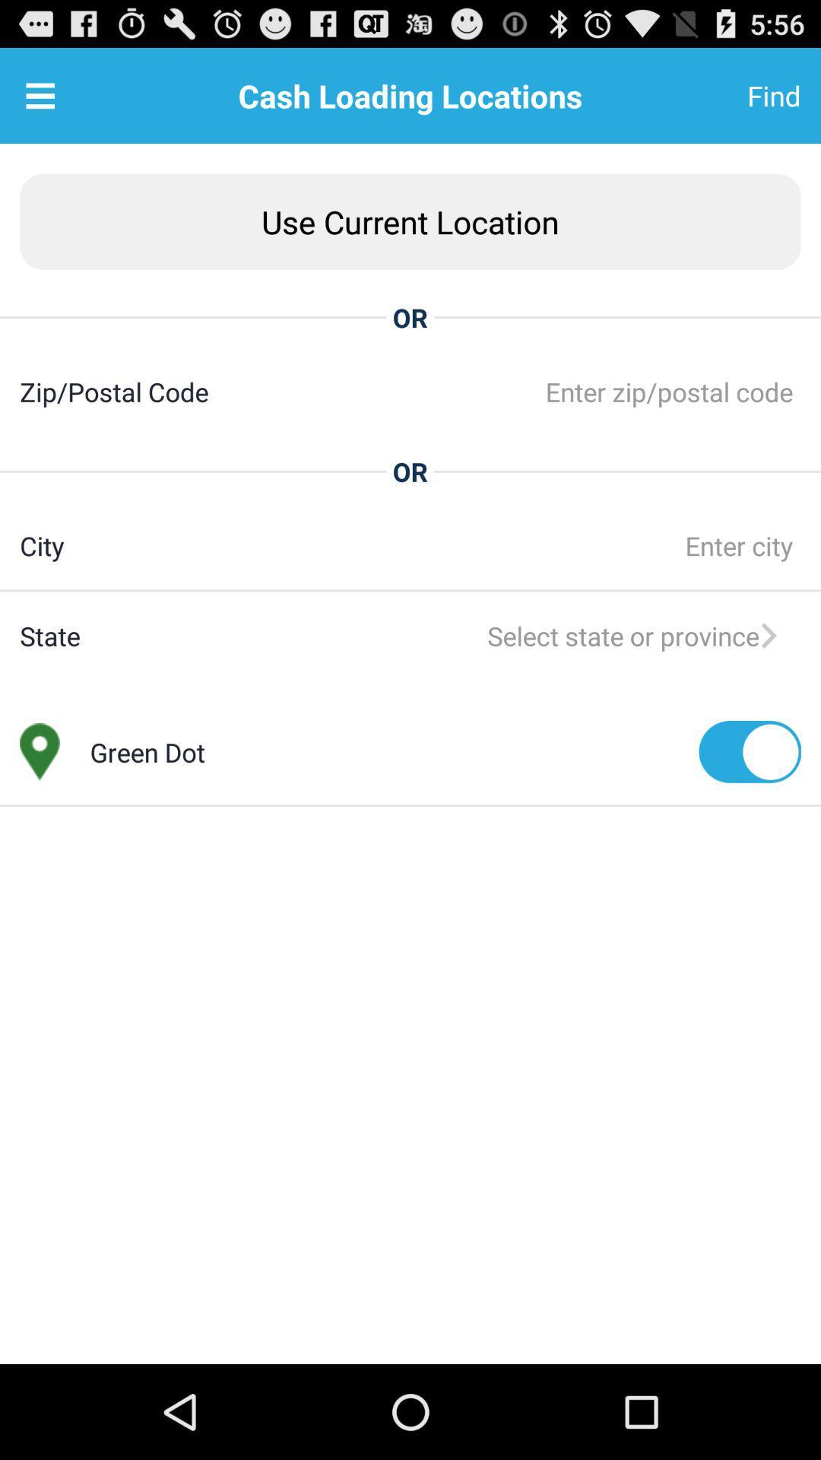  What do you see at coordinates (433, 545) in the screenshot?
I see `the icon next to city icon` at bounding box center [433, 545].